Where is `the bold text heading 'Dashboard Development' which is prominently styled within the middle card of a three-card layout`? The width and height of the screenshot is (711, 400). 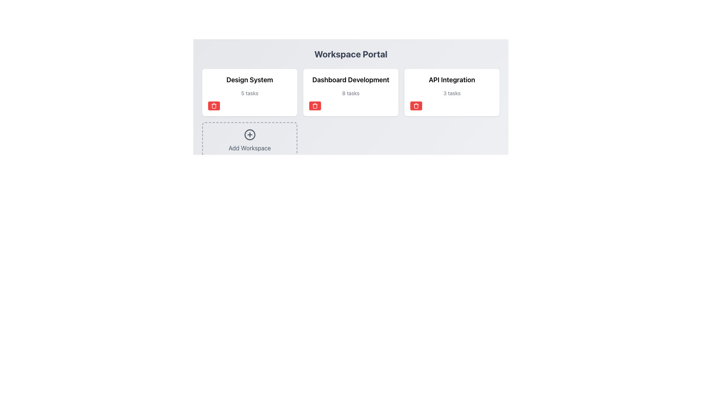 the bold text heading 'Dashboard Development' which is prominently styled within the middle card of a three-card layout is located at coordinates (350, 80).